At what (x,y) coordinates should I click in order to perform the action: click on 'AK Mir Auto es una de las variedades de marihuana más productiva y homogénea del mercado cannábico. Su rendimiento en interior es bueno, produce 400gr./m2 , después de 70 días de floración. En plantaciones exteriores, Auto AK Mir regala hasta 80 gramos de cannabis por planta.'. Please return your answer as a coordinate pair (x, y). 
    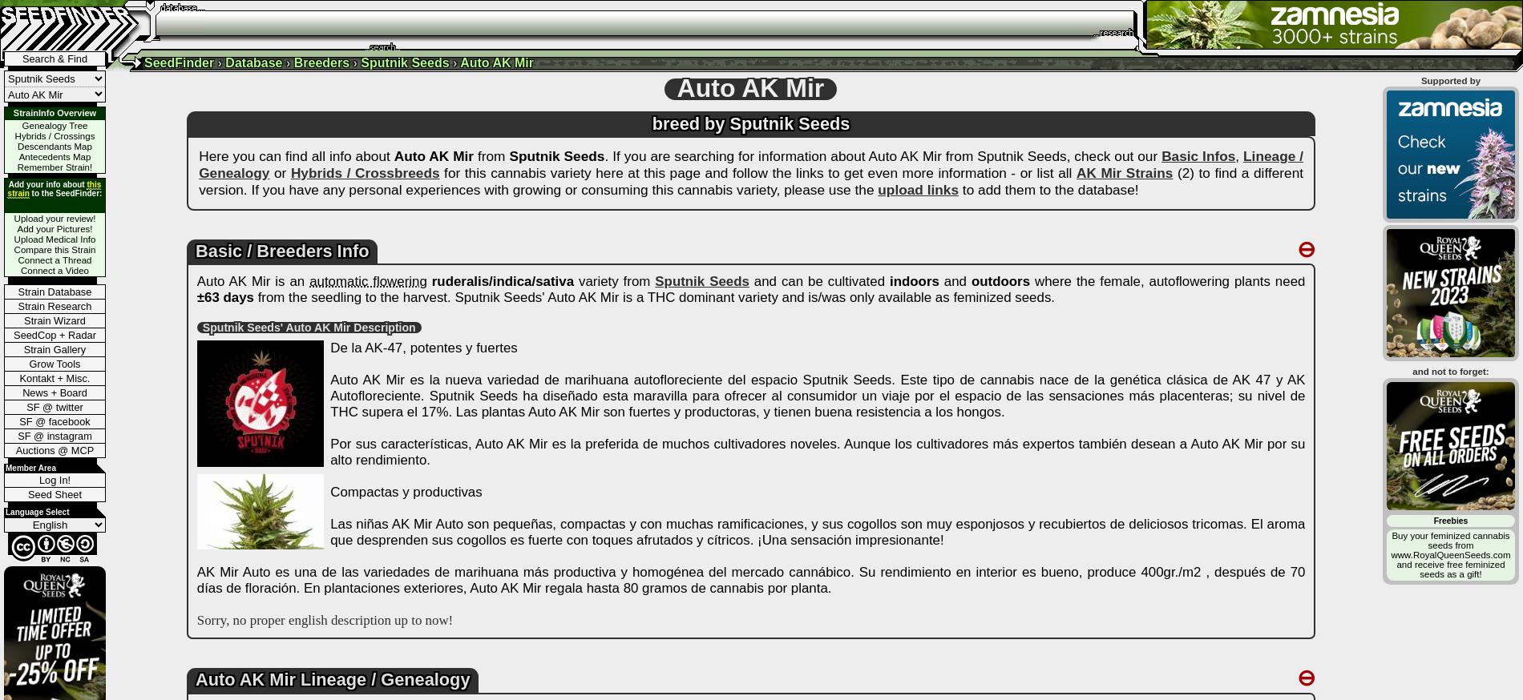
    Looking at the image, I should click on (749, 580).